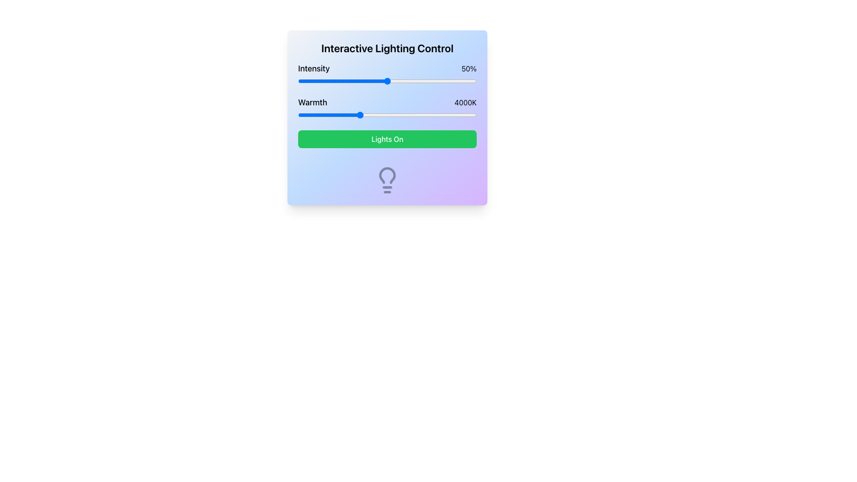 The image size is (857, 482). What do you see at coordinates (465, 102) in the screenshot?
I see `value displayed on the label showing '4000K' in black font, located to the right of the 'Warmth' slider` at bounding box center [465, 102].